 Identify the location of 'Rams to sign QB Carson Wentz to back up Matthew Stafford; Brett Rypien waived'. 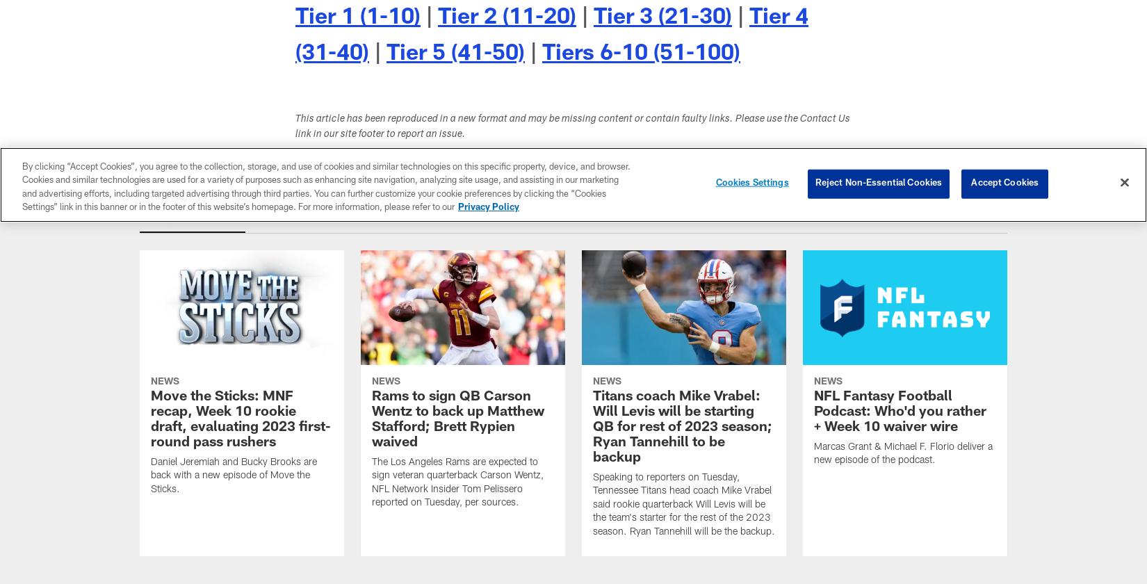
(457, 419).